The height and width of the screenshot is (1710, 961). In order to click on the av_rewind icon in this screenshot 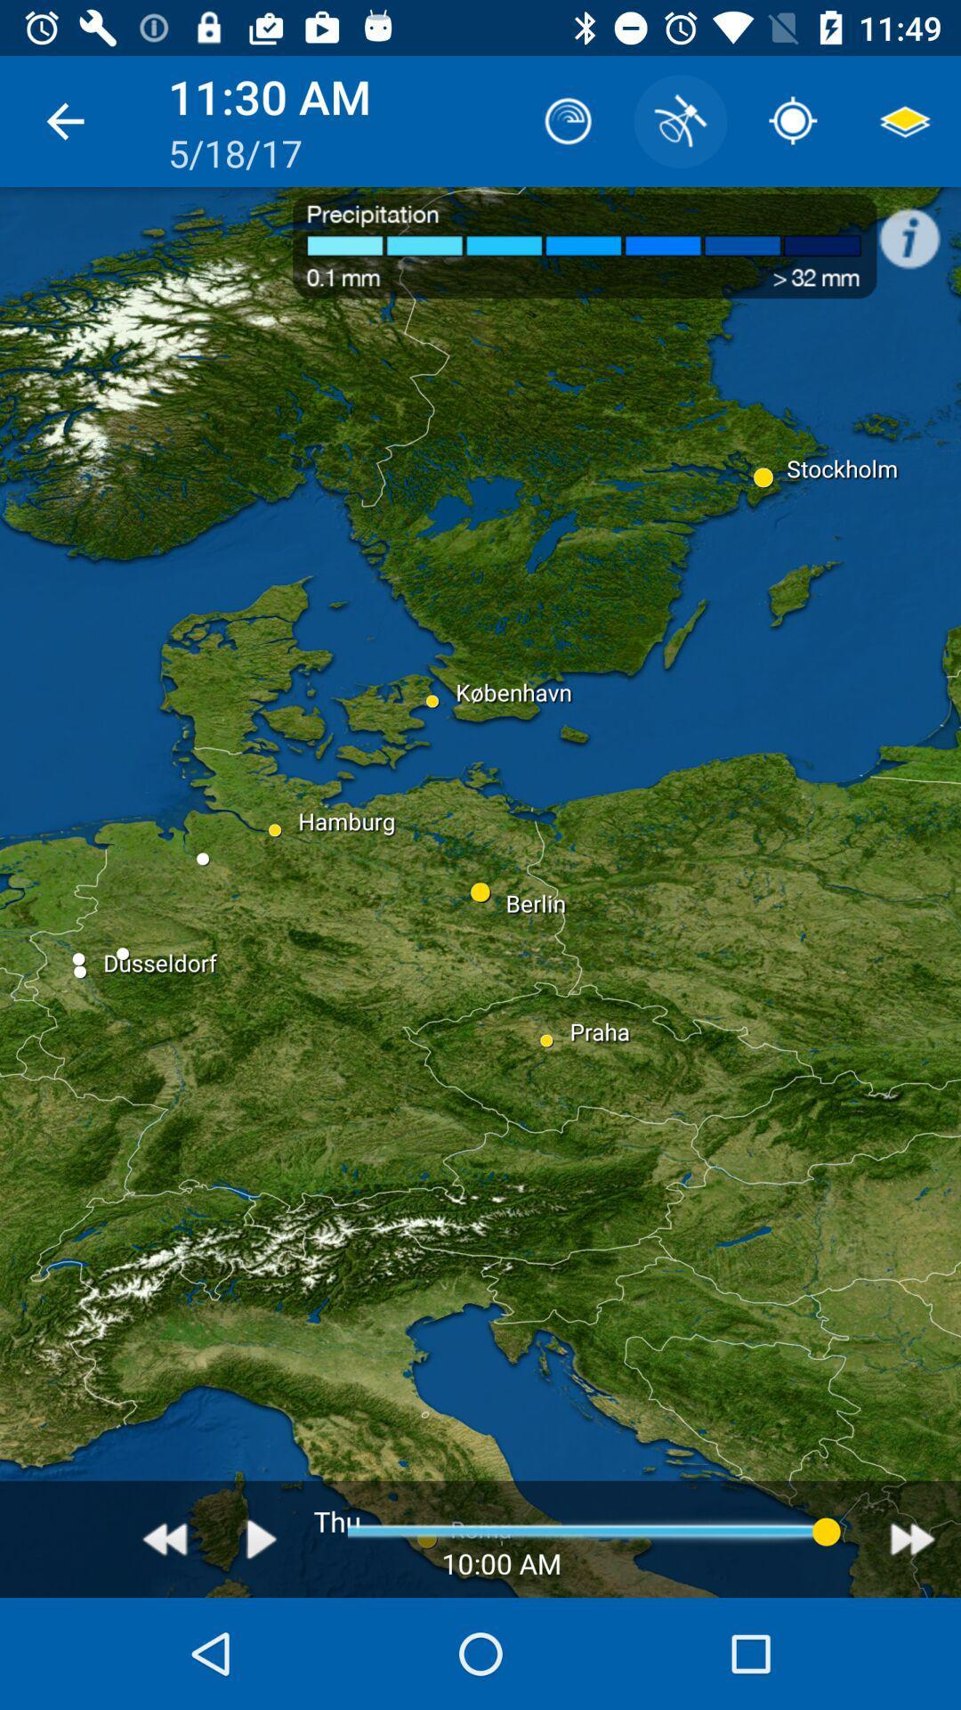, I will do `click(165, 1538)`.